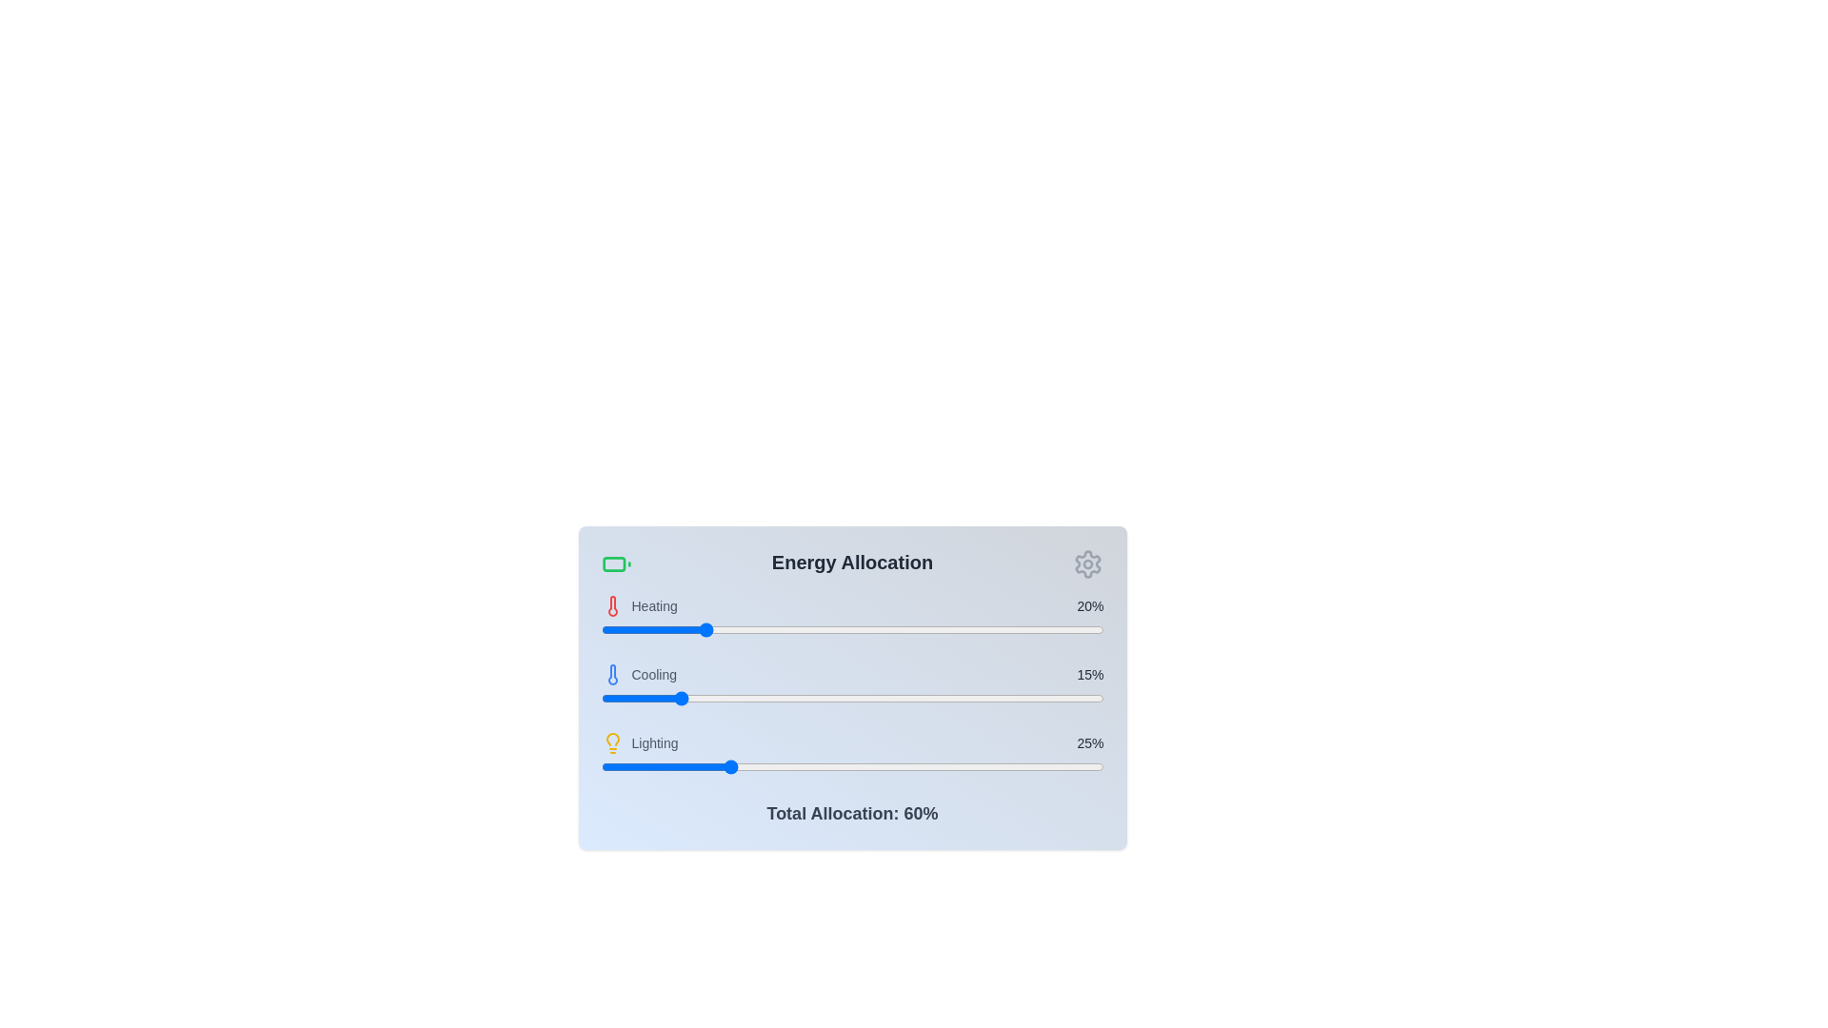  Describe the element at coordinates (710, 630) in the screenshot. I see `the heating allocation slider to 22%` at that location.